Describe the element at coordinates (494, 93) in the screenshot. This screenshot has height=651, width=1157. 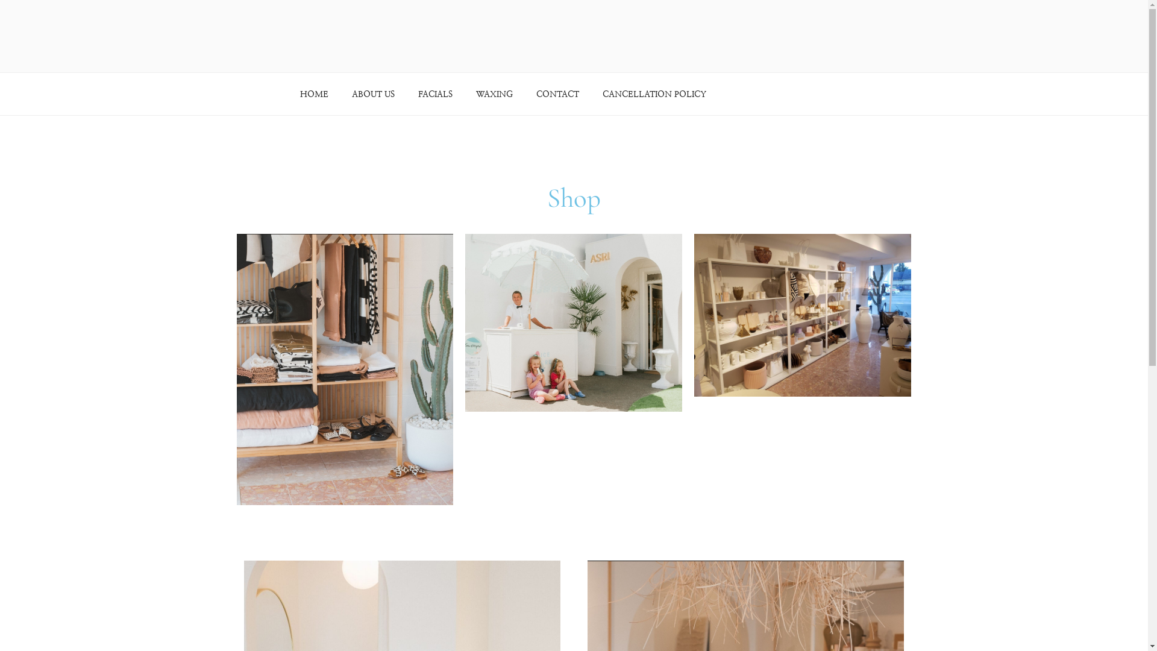
I see `'WAXING'` at that location.